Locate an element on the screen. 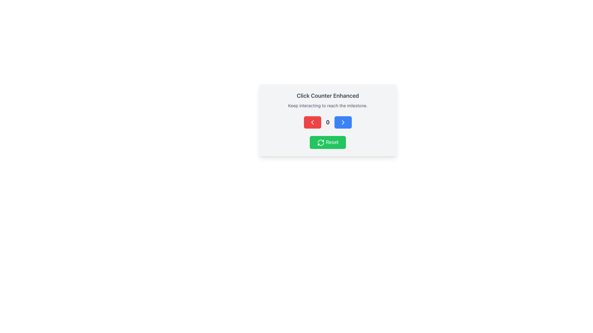 The image size is (593, 333). the static text element labeled 'Click Counter Enhanced' located at the upper section of the panel with a light gray background is located at coordinates (327, 100).